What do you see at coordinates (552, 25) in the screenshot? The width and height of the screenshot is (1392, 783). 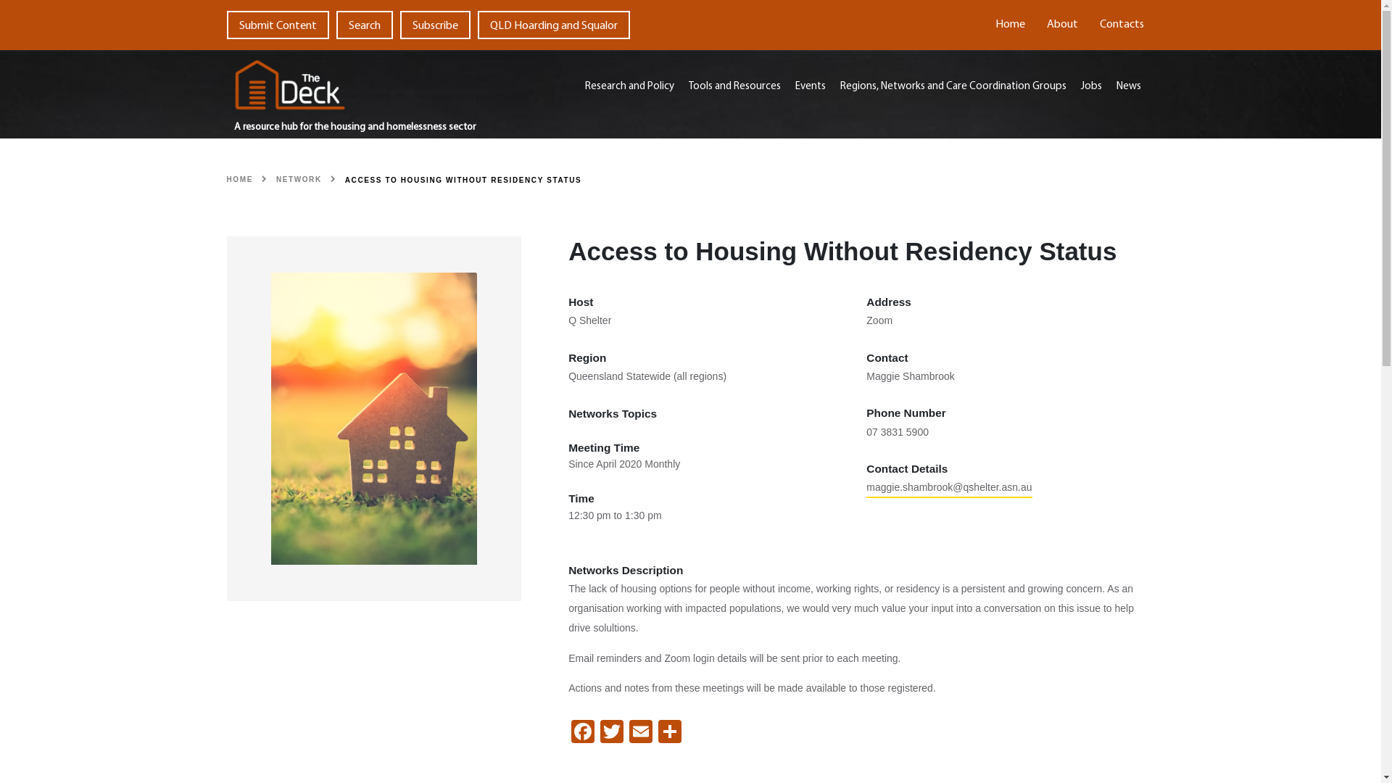 I see `'QLD Hoarding and Squalor'` at bounding box center [552, 25].